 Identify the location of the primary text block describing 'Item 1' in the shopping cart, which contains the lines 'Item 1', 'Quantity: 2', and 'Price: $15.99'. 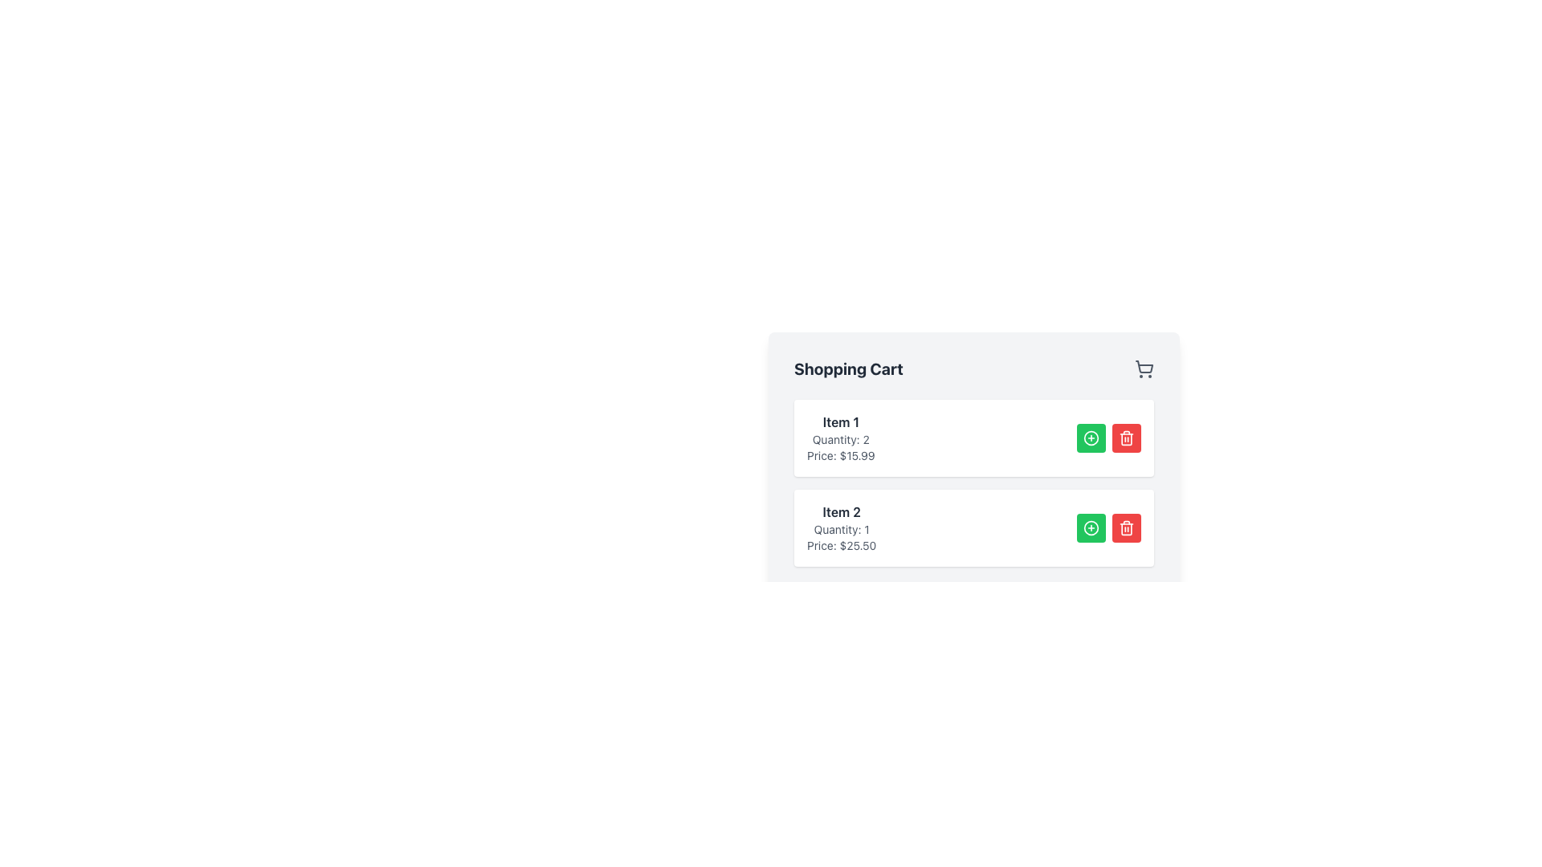
(840, 438).